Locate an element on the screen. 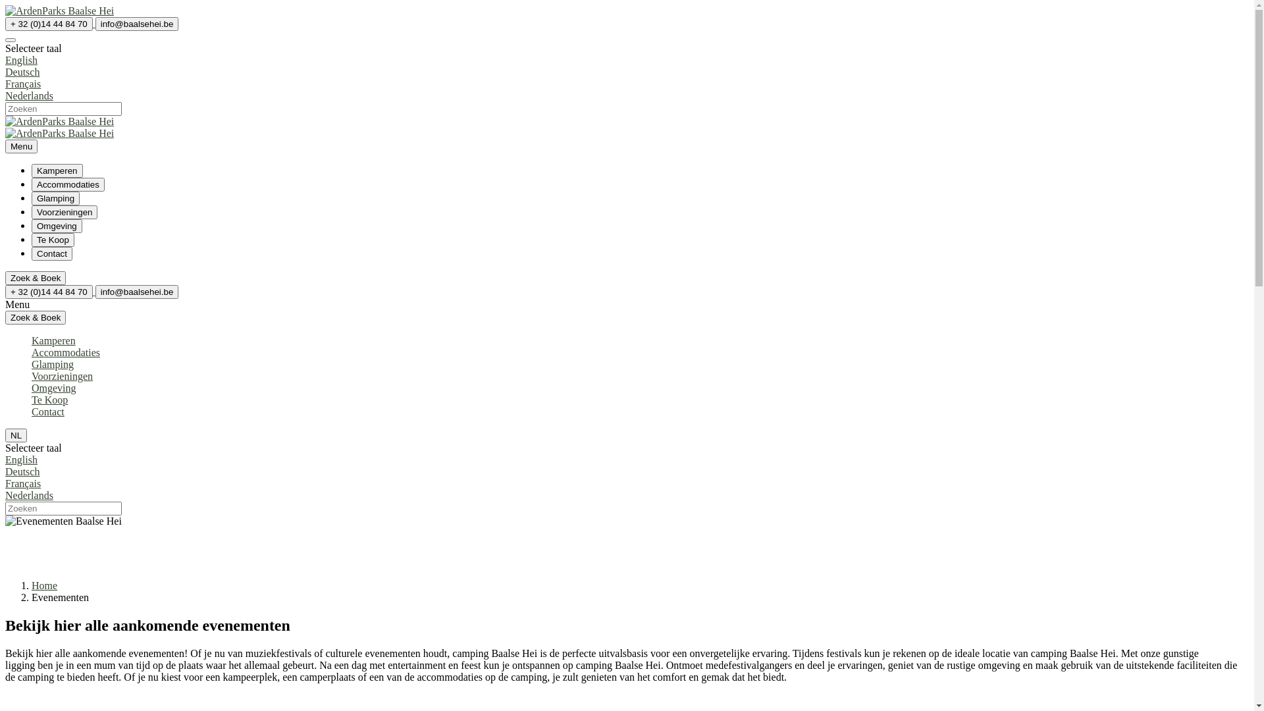 This screenshot has height=711, width=1264. 'Selecteer taal' is located at coordinates (10, 39).